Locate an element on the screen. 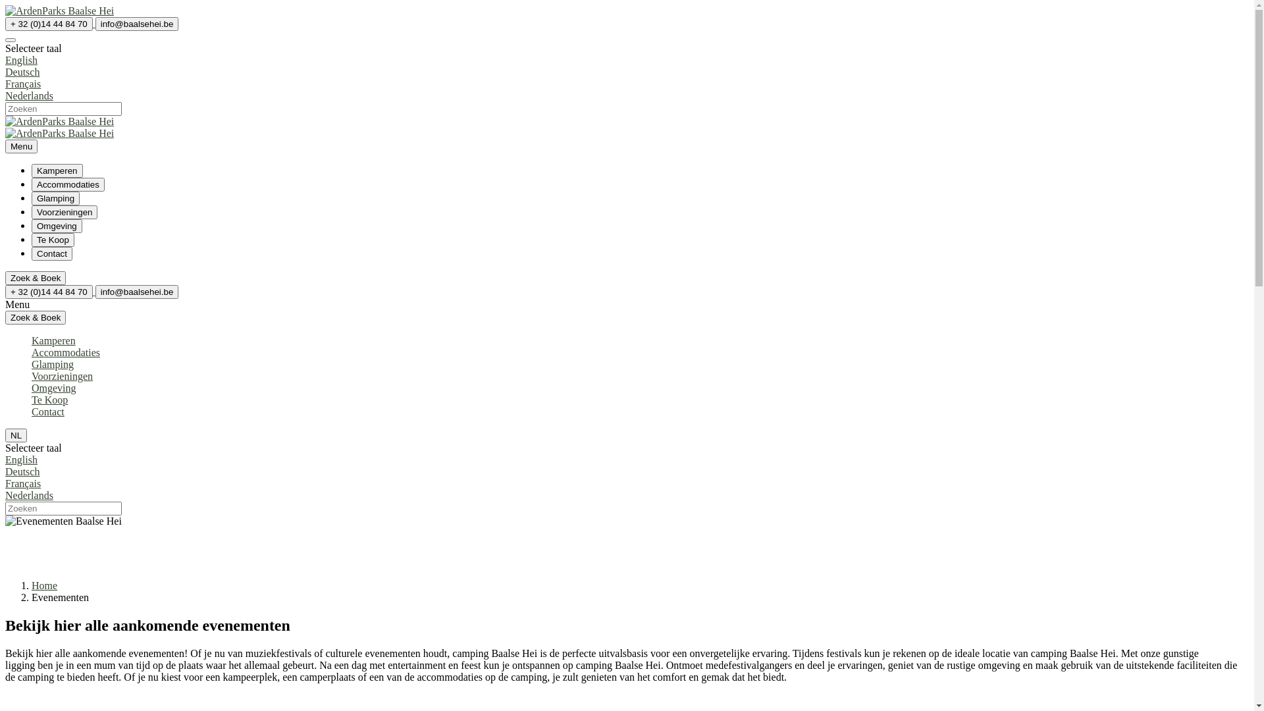 This screenshot has height=711, width=1264. 'Selecteer taal' is located at coordinates (10, 39).